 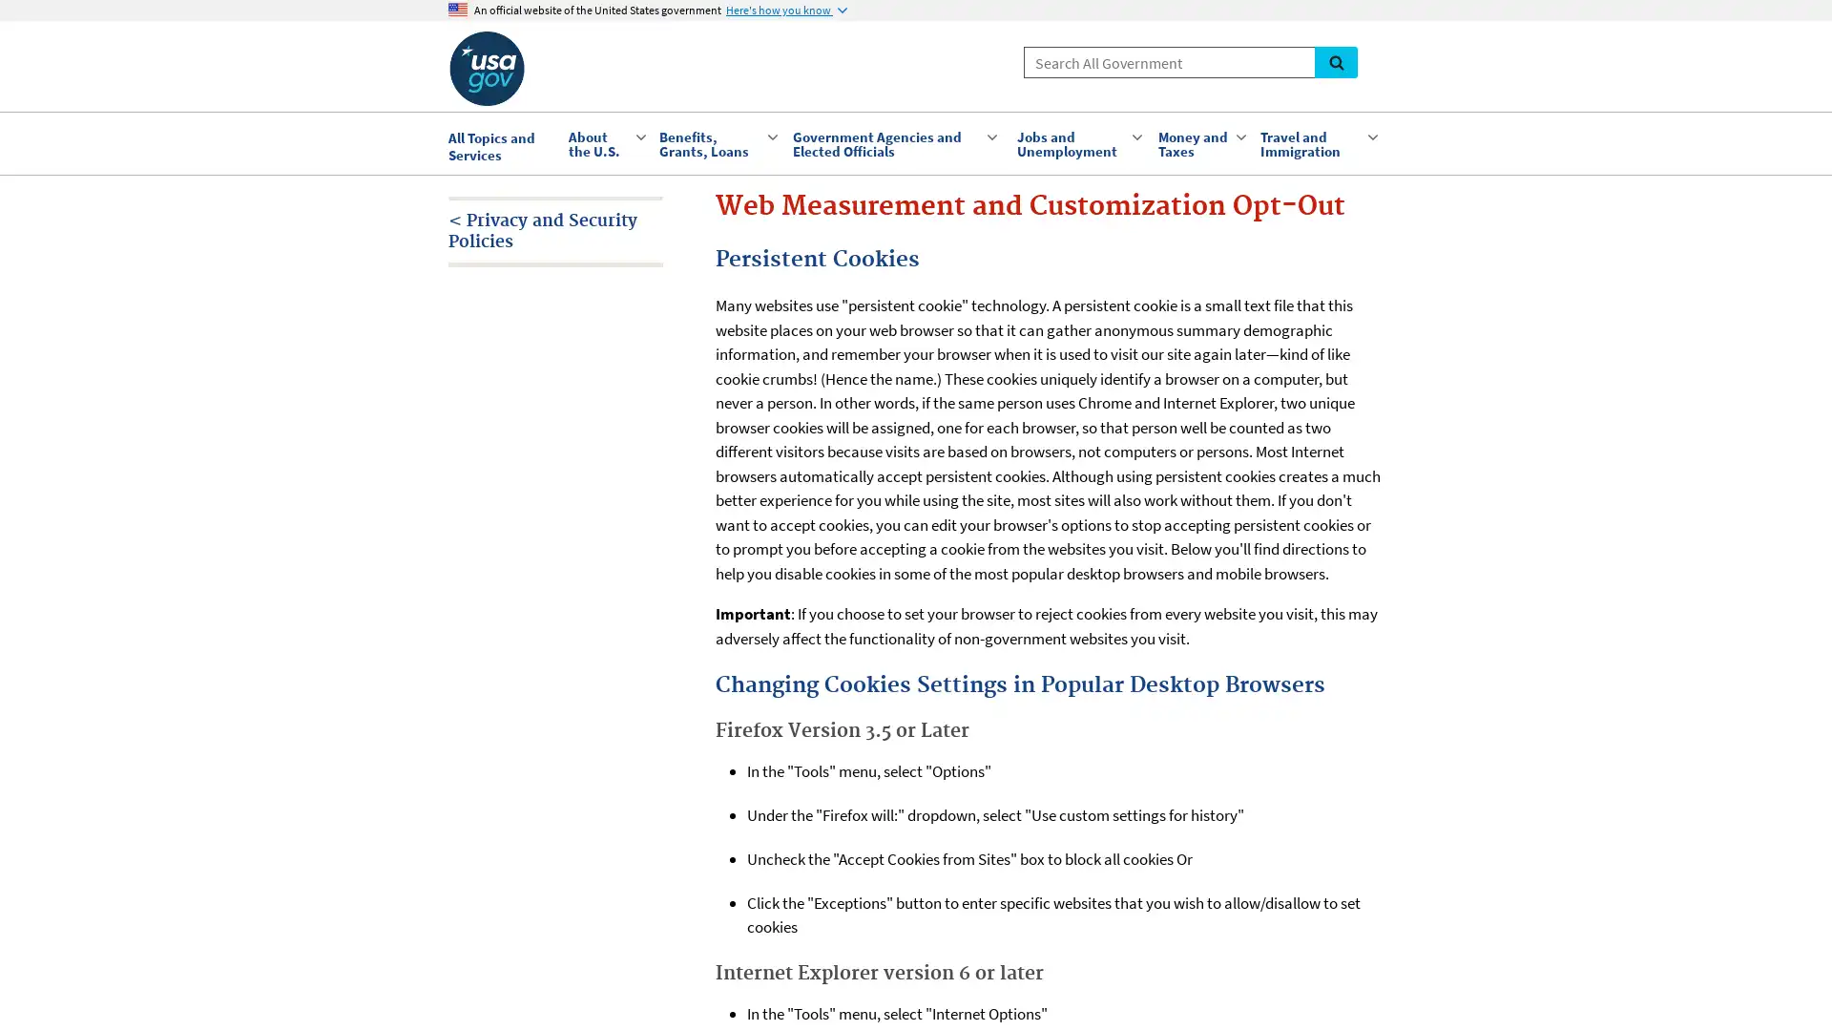 I want to click on Benefits, Grants, Loans, so click(x=715, y=142).